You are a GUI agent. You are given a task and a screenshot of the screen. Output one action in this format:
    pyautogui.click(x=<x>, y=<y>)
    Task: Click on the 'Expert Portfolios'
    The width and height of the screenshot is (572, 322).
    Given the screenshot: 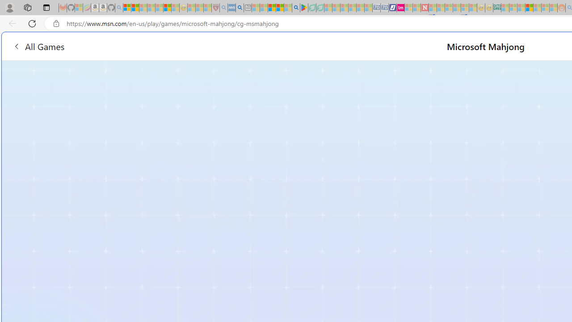 What is the action you would take?
    pyautogui.click(x=529, y=8)
    